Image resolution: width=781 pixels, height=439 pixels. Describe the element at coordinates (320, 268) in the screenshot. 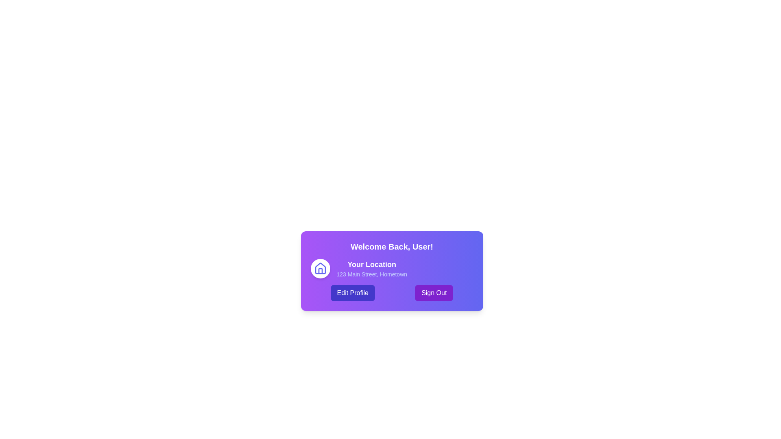

I see `the house icon with a gradient purple and blue color scheme located within the white circular area on the left side of the user information card` at that location.